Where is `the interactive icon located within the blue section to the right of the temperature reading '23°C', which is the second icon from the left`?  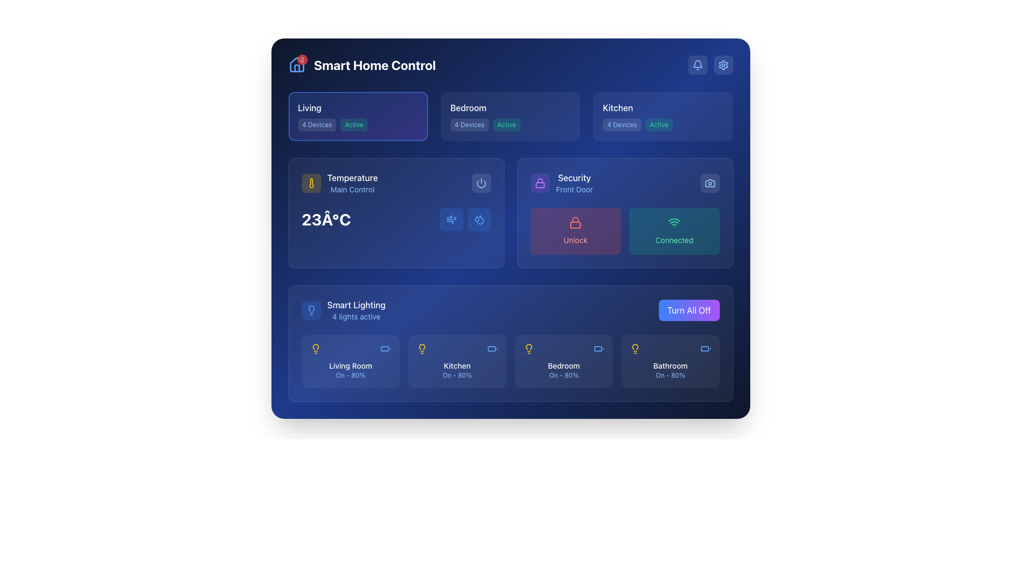
the interactive icon located within the blue section to the right of the temperature reading '23°C', which is the second icon from the left is located at coordinates (451, 219).